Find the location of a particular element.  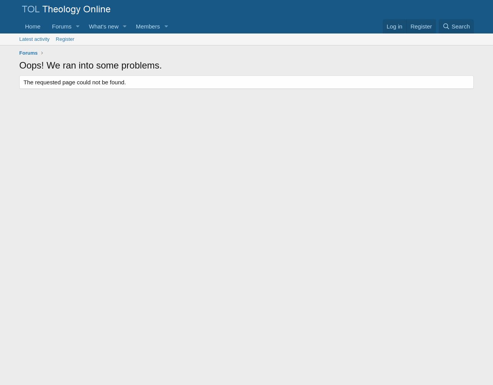

'Latest activity' is located at coordinates (34, 38).